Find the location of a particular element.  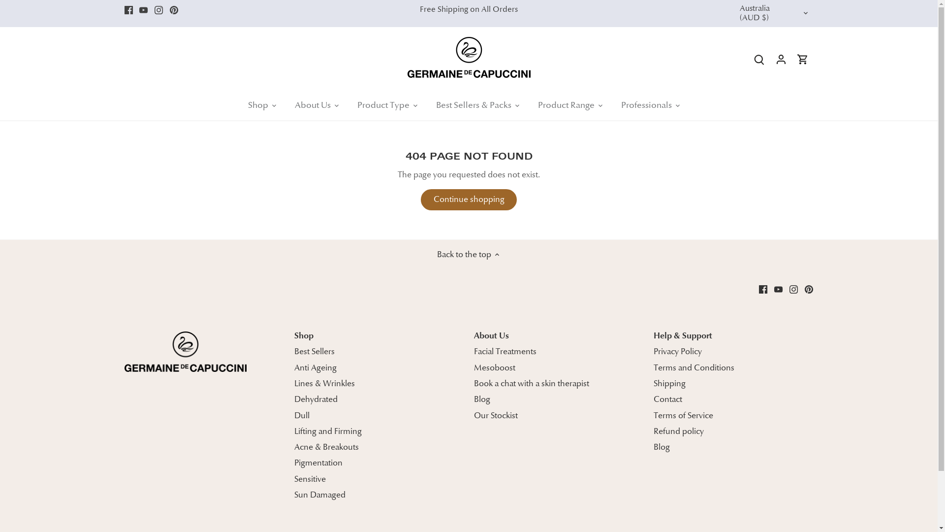

'Dehydrated' is located at coordinates (316, 399).